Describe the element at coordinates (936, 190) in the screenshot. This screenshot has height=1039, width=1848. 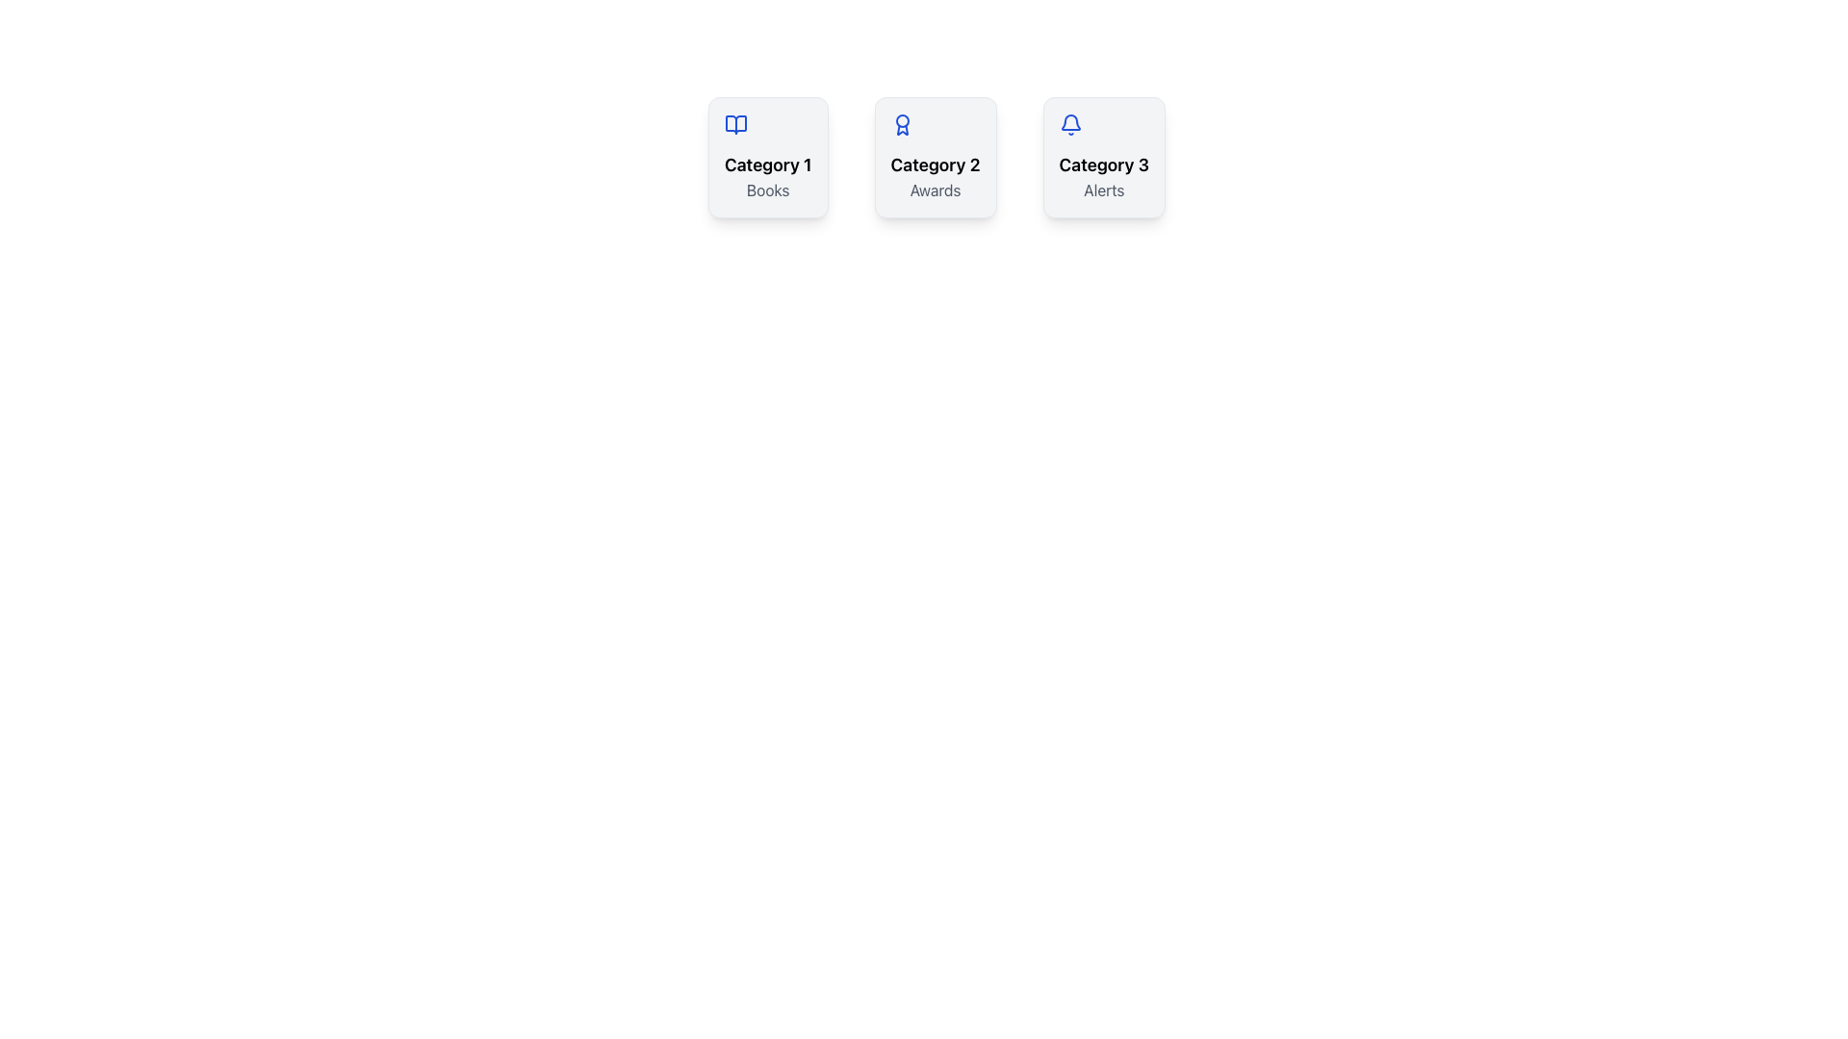
I see `text label 'Awards' styled in gray, located within the panel associated with 'Category 2'` at that location.